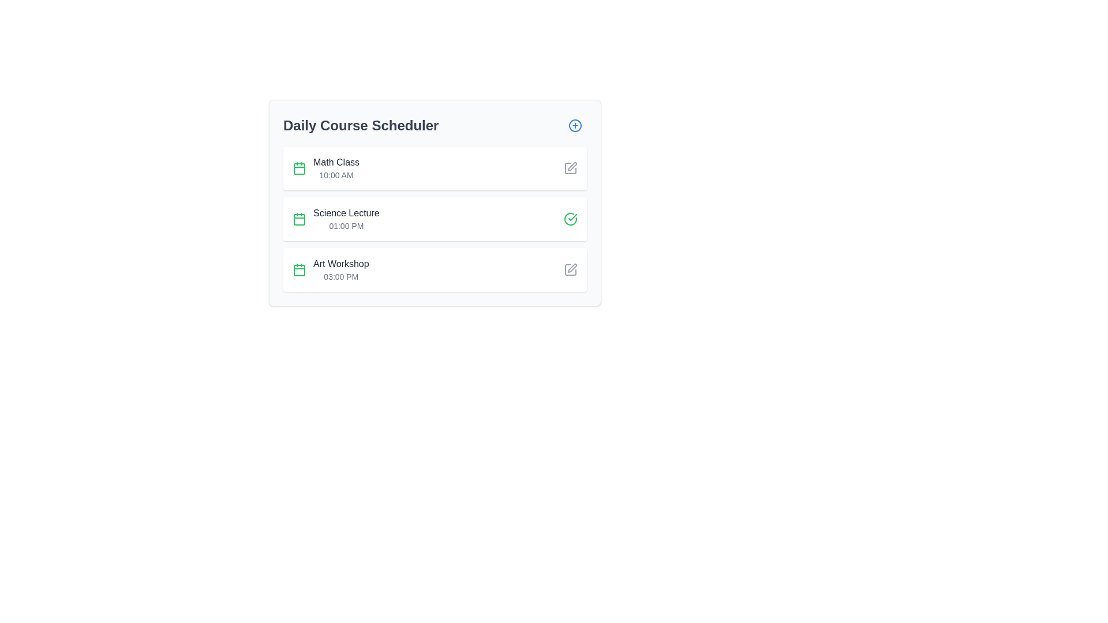 Image resolution: width=1108 pixels, height=623 pixels. What do you see at coordinates (360, 126) in the screenshot?
I see `the text heading labeled 'Daily Course Scheduler', which is styled with a bold font and larger size, located at the top of the section` at bounding box center [360, 126].